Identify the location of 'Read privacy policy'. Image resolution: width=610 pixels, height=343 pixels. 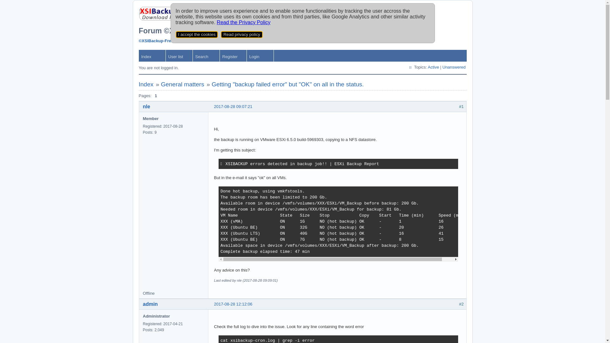
(241, 34).